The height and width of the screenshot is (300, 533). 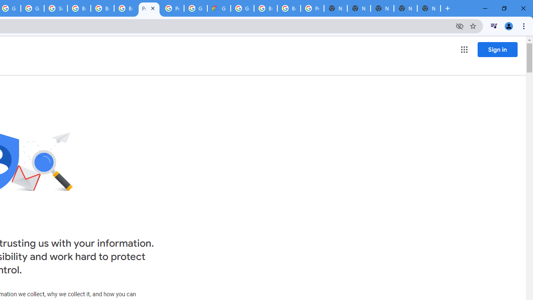 I want to click on 'New Tab', so click(x=429, y=8).